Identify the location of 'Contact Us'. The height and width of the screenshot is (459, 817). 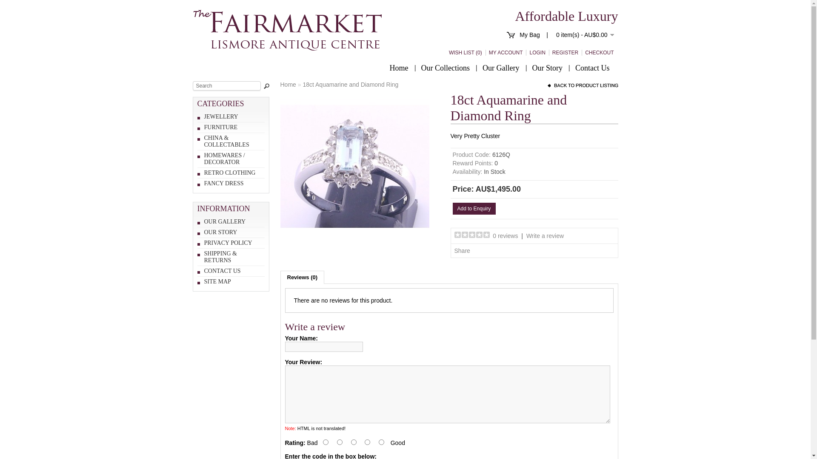
(592, 67).